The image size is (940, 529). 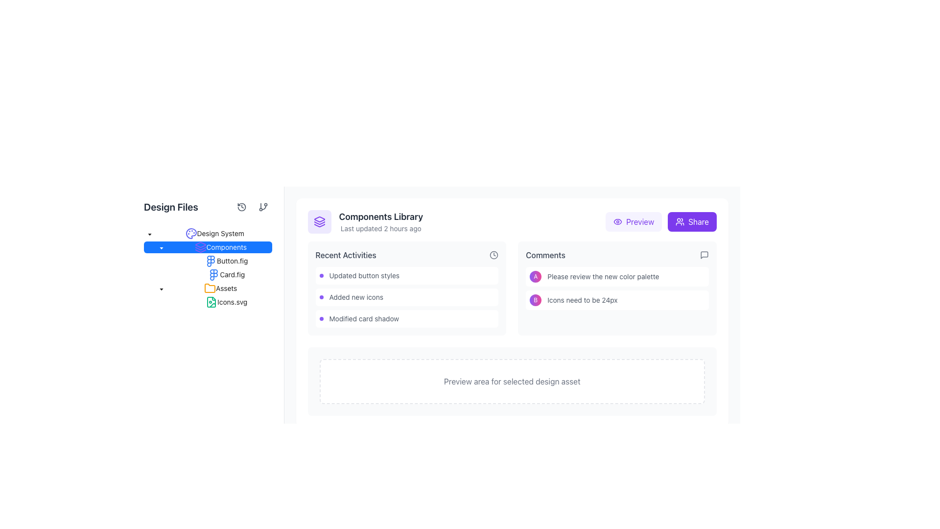 I want to click on the downward-pointing caret icon in the hierarchical navigation sidebar next to 'Design System', so click(x=149, y=234).